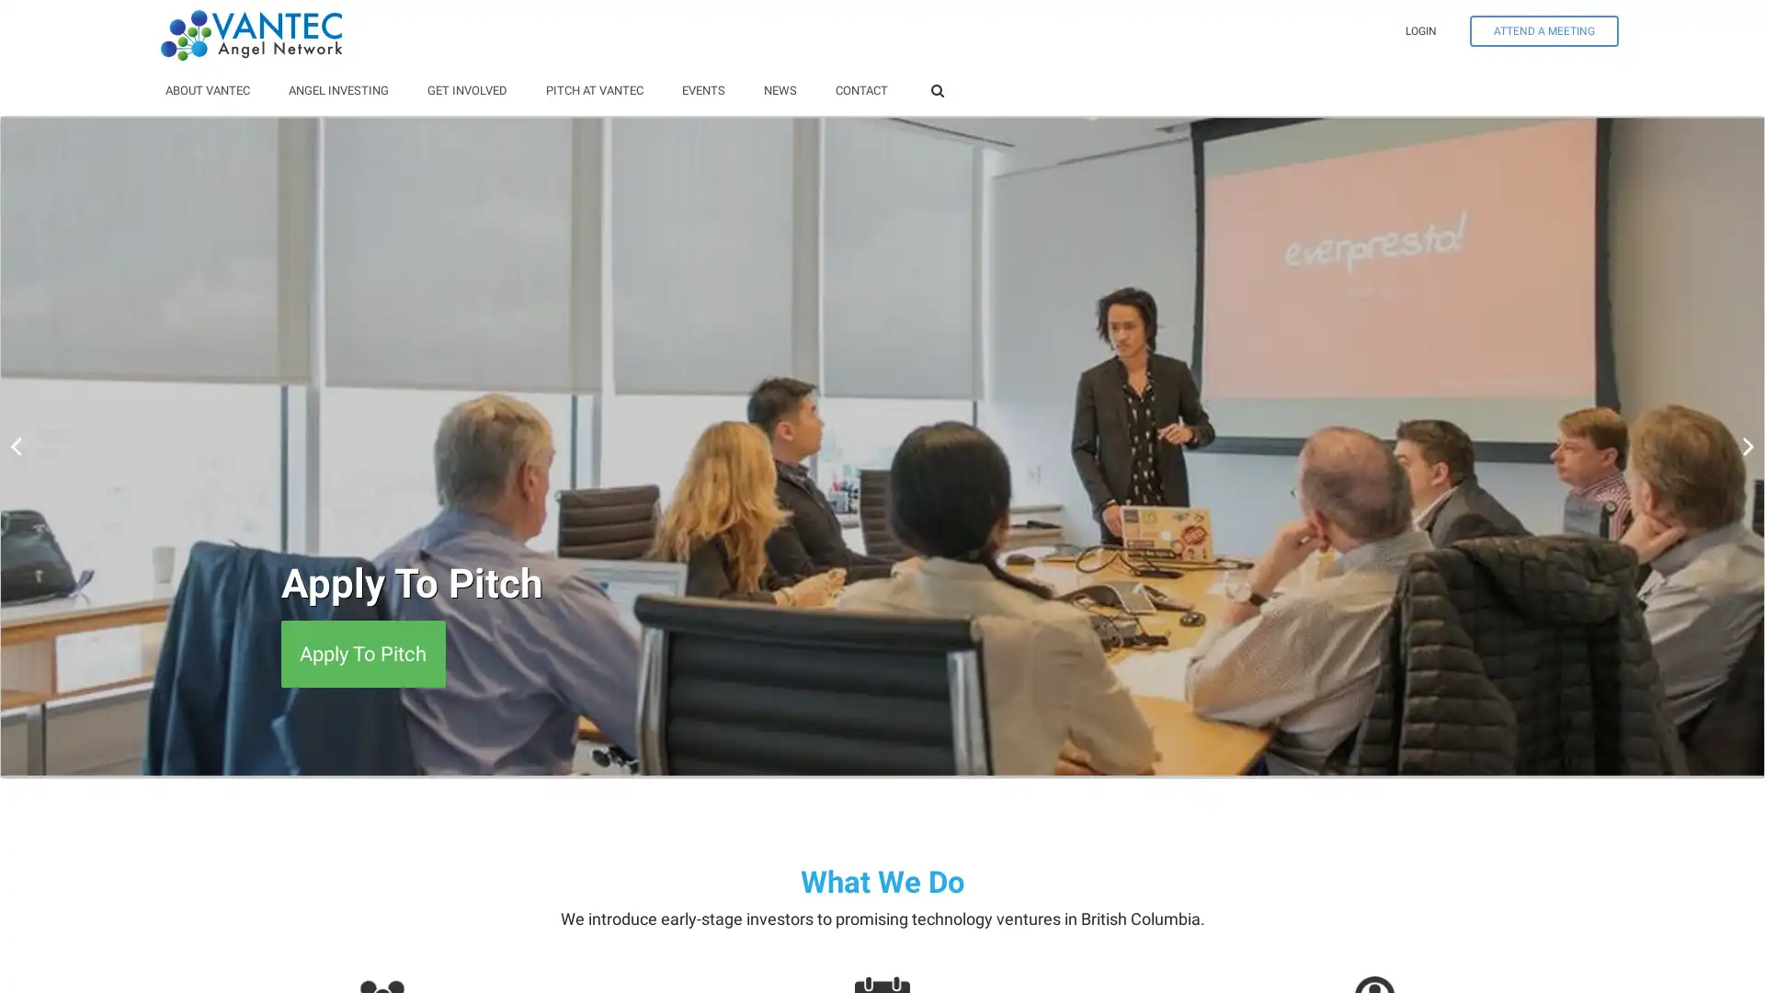 Image resolution: width=1765 pixels, height=993 pixels. What do you see at coordinates (350, 653) in the screenshot?
I see `Learn More` at bounding box center [350, 653].